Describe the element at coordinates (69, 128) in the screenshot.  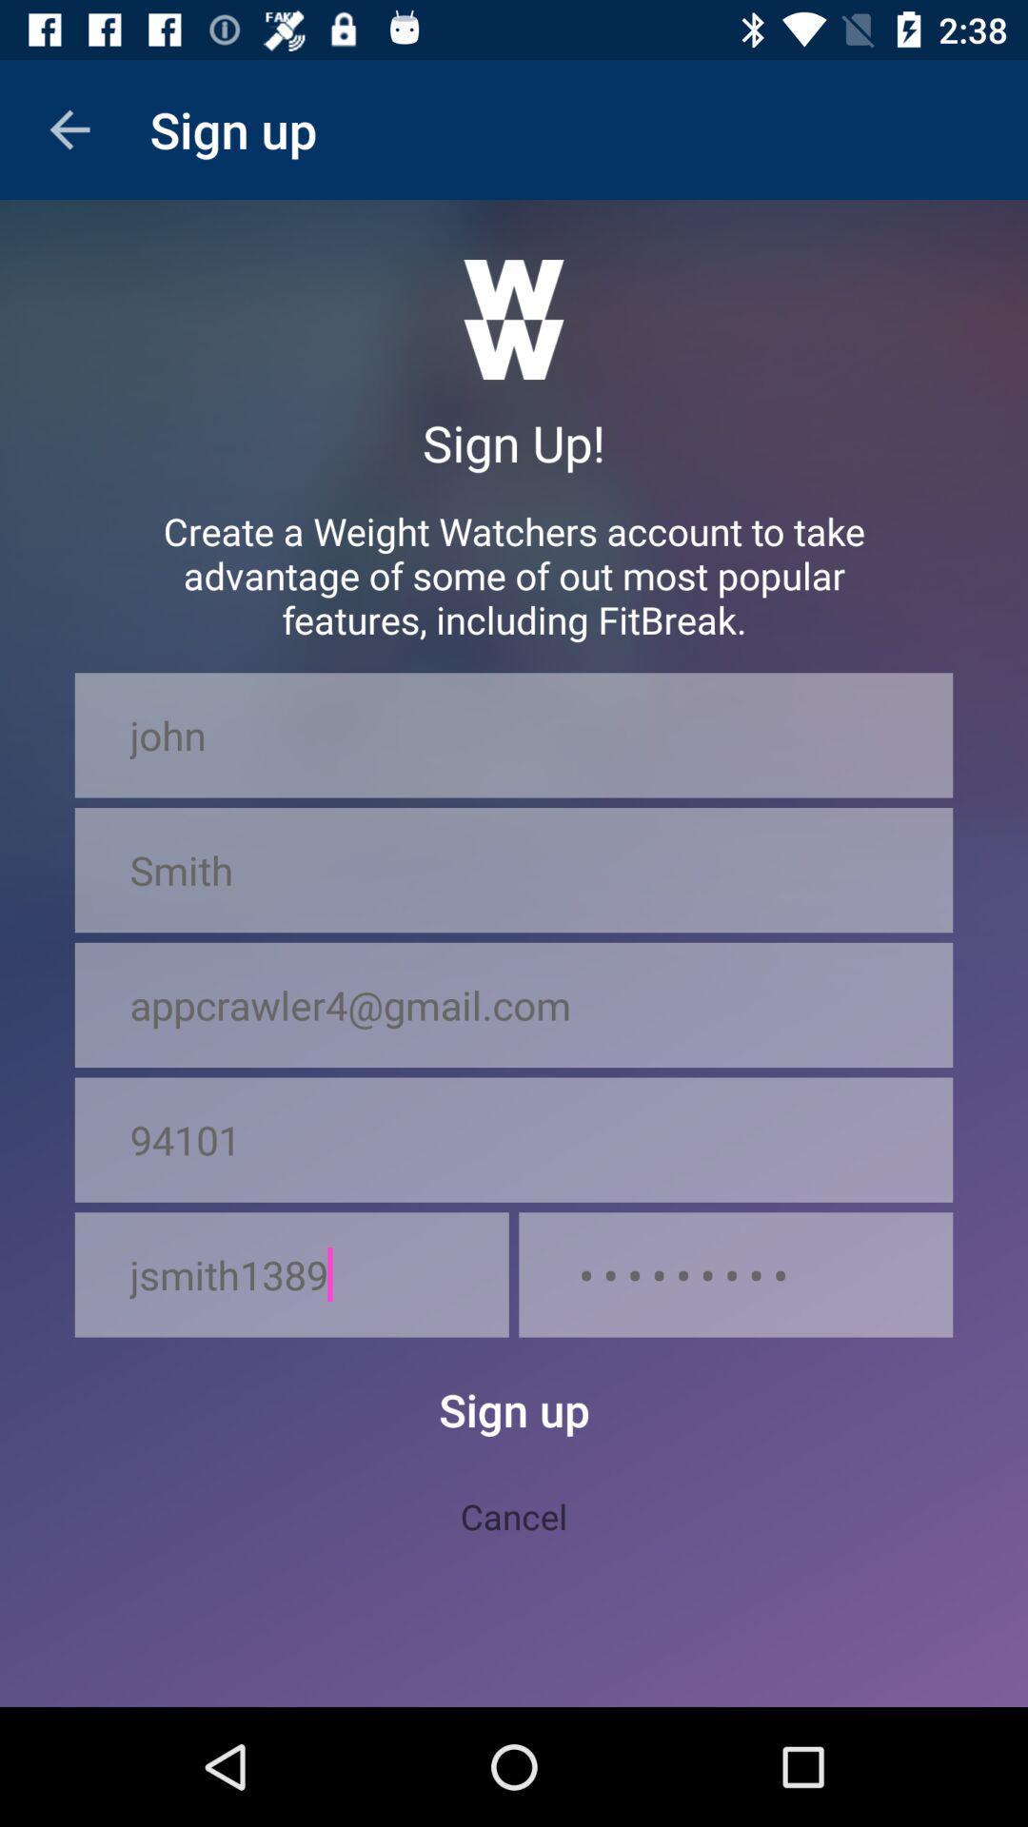
I see `item to the left of the sign up icon` at that location.